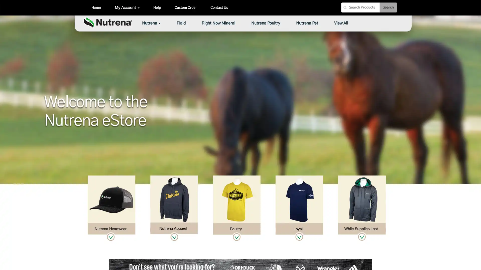  I want to click on Search, so click(388, 7).